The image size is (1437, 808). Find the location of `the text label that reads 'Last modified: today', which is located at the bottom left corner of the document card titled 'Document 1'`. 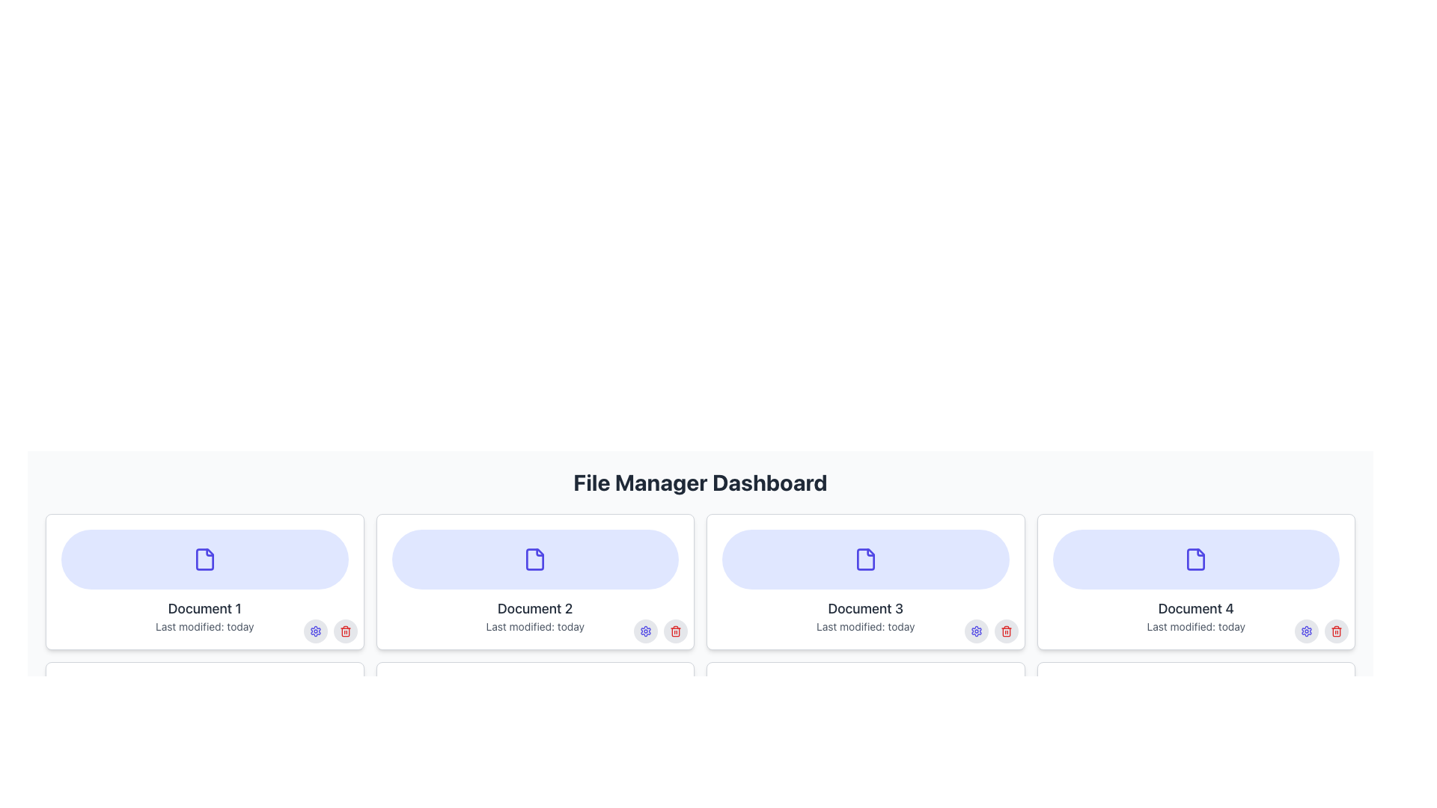

the text label that reads 'Last modified: today', which is located at the bottom left corner of the document card titled 'Document 1' is located at coordinates (204, 626).